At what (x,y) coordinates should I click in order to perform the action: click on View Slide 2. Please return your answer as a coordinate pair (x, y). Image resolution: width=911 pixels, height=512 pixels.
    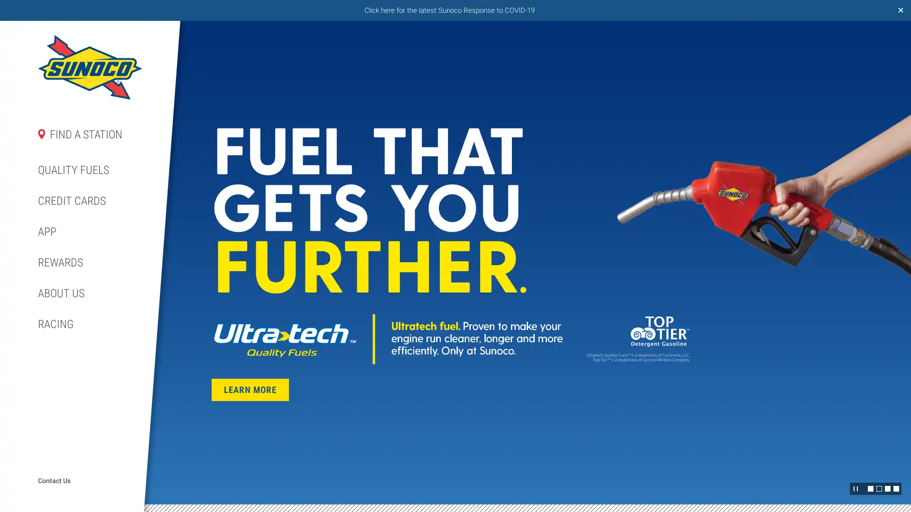
    Looking at the image, I should click on (878, 488).